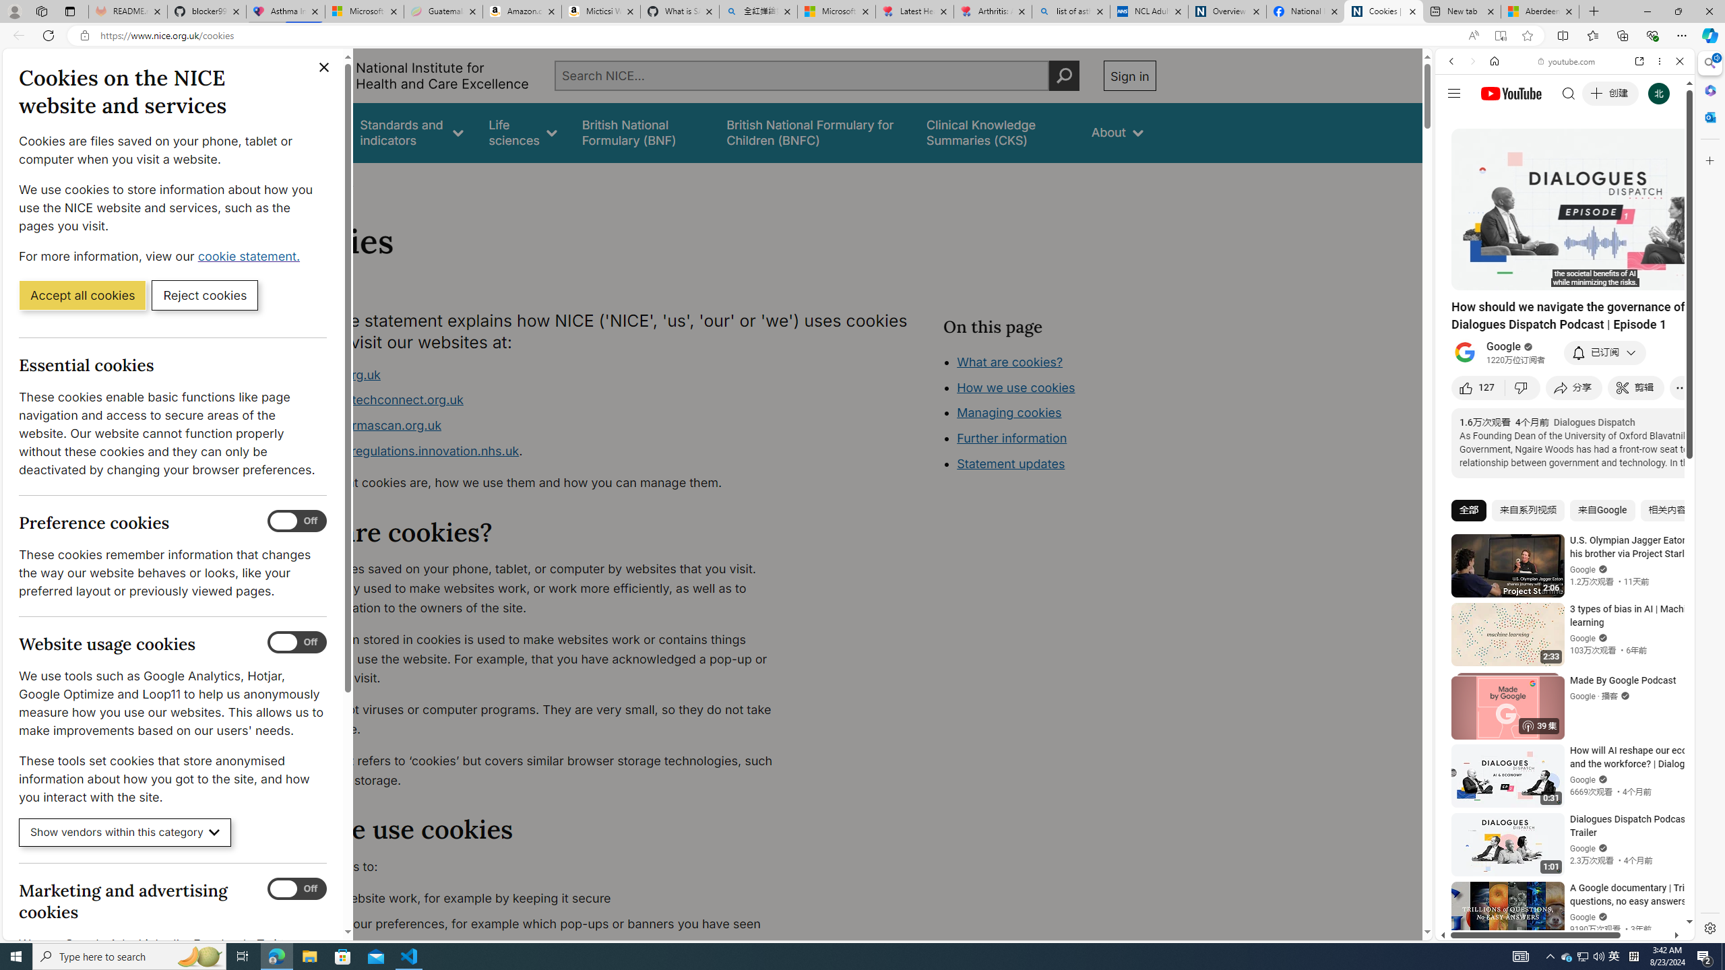 This screenshot has width=1725, height=970. What do you see at coordinates (1048, 414) in the screenshot?
I see `'Class: in-page-nav__list'` at bounding box center [1048, 414].